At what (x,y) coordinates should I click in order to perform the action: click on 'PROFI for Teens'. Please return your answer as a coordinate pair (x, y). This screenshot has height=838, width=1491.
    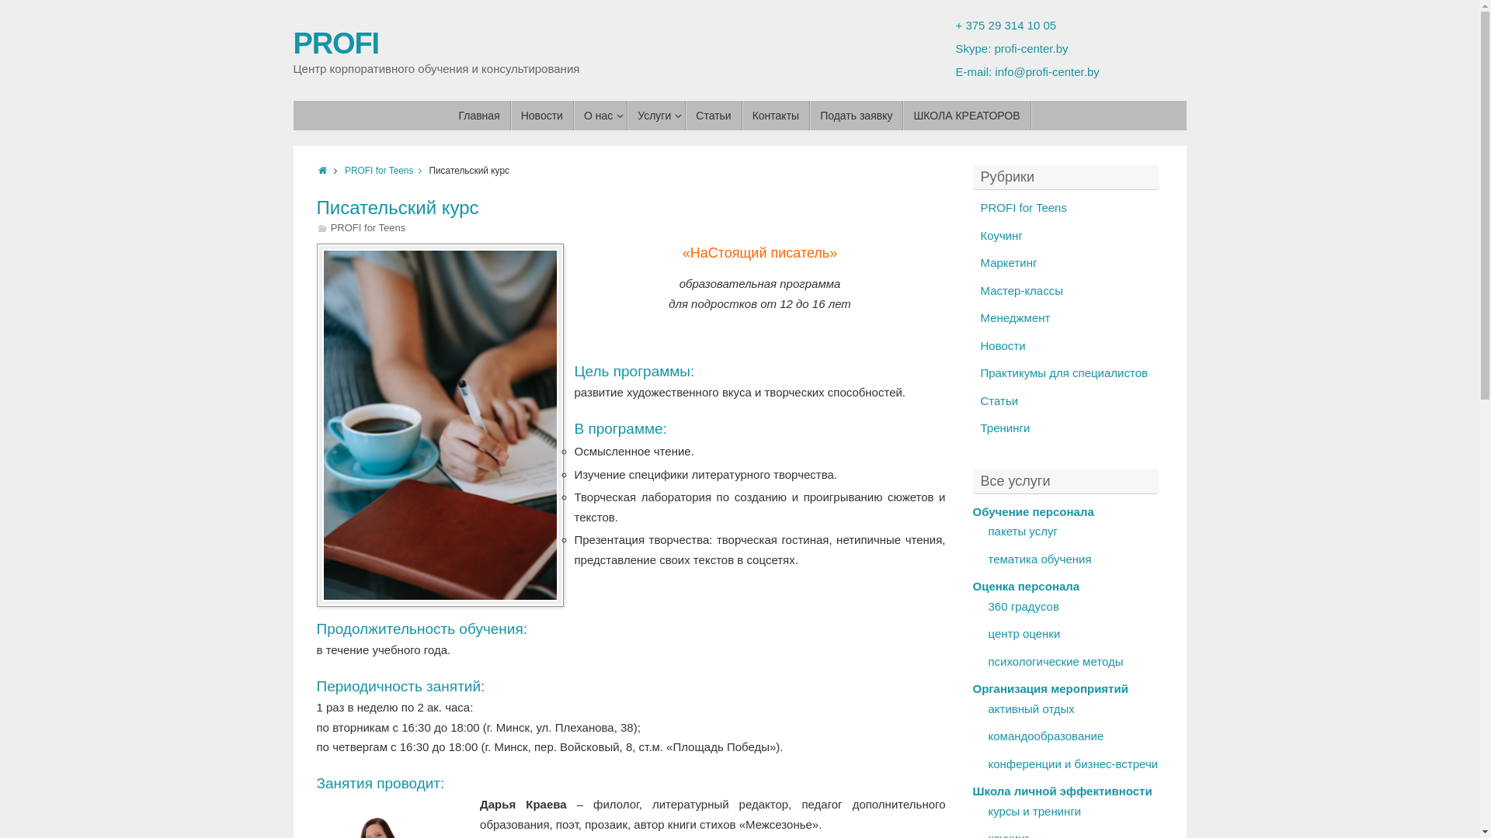
    Looking at the image, I should click on (367, 227).